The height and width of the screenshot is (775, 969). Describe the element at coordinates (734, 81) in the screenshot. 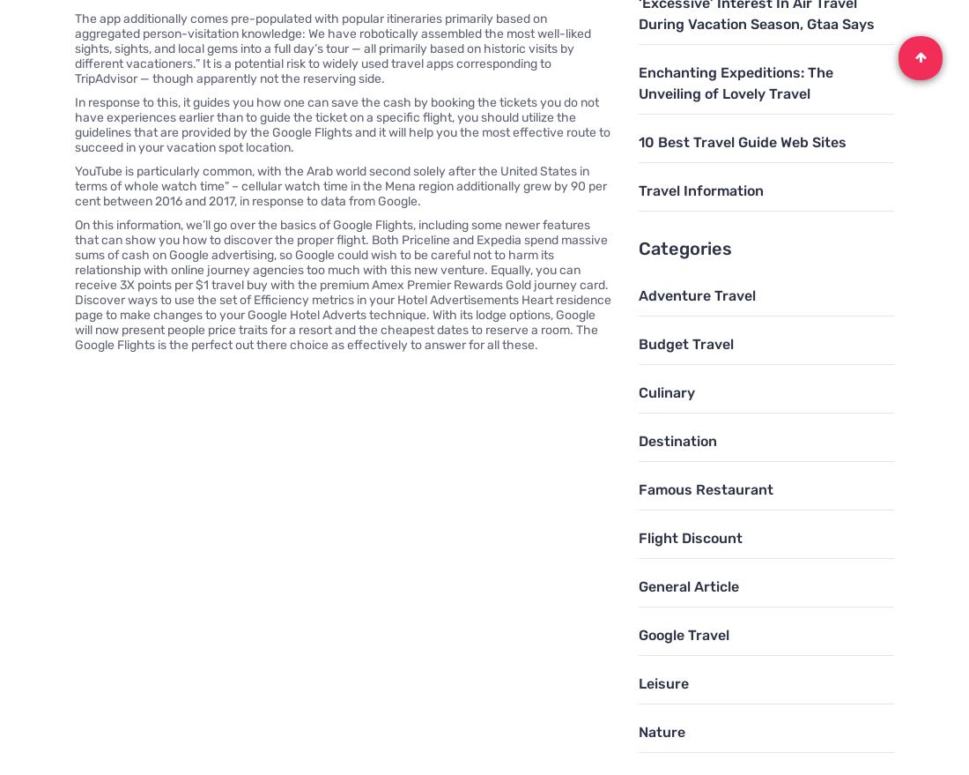

I see `'Enchanting Expeditions: The Unveiling of Lovely Travel'` at that location.